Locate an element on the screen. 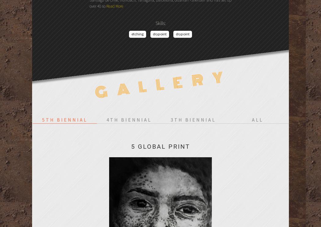 Image resolution: width=321 pixels, height=227 pixels. 'etching' is located at coordinates (138, 34).